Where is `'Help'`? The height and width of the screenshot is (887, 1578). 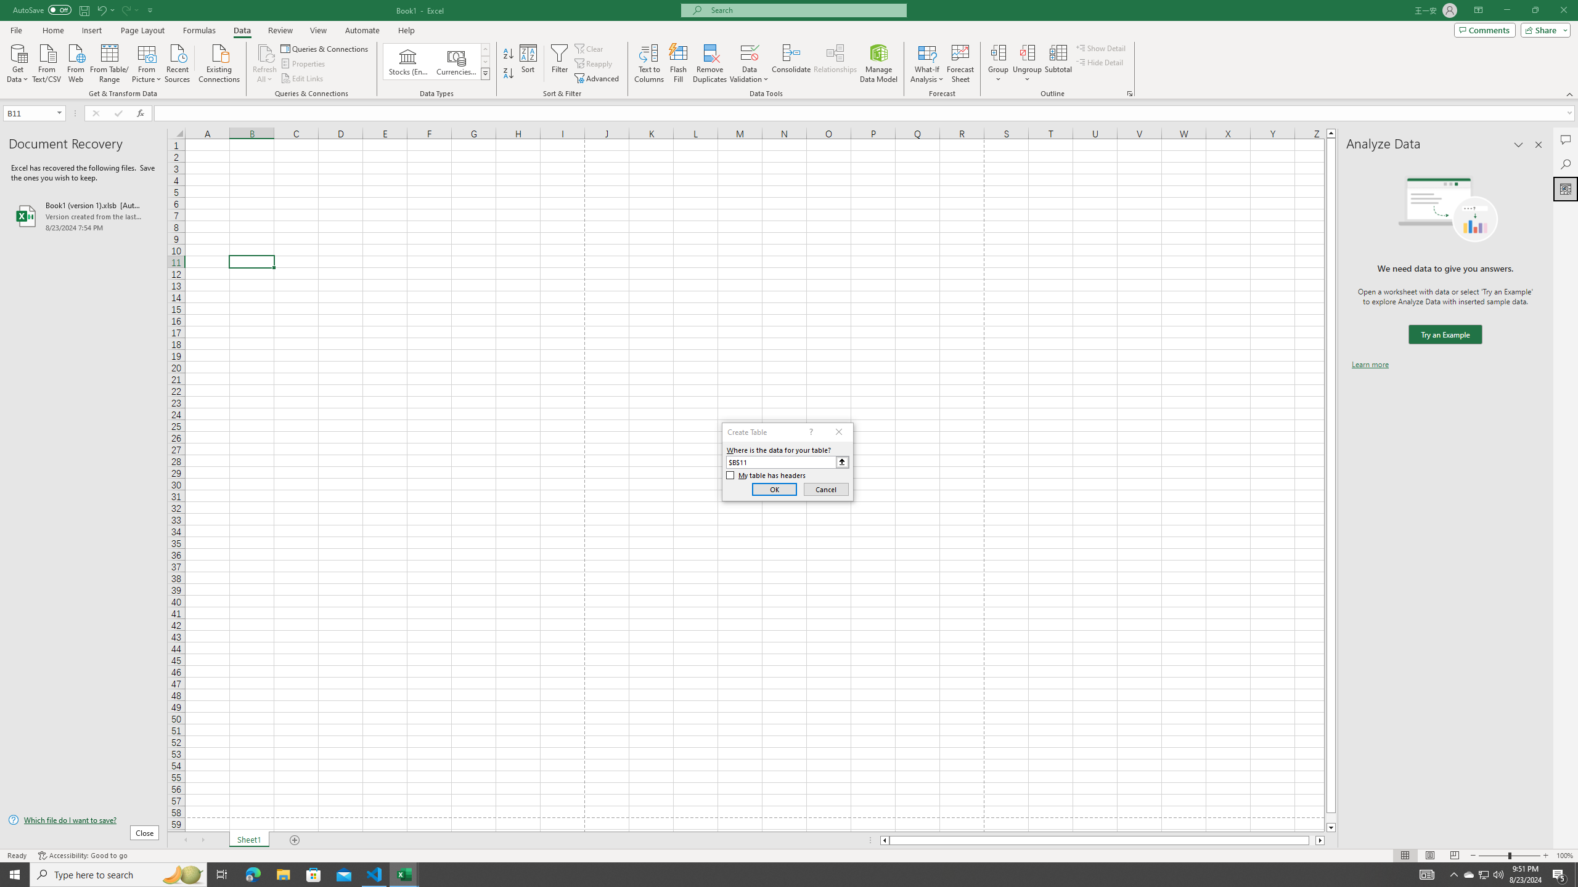
'Help' is located at coordinates (406, 30).